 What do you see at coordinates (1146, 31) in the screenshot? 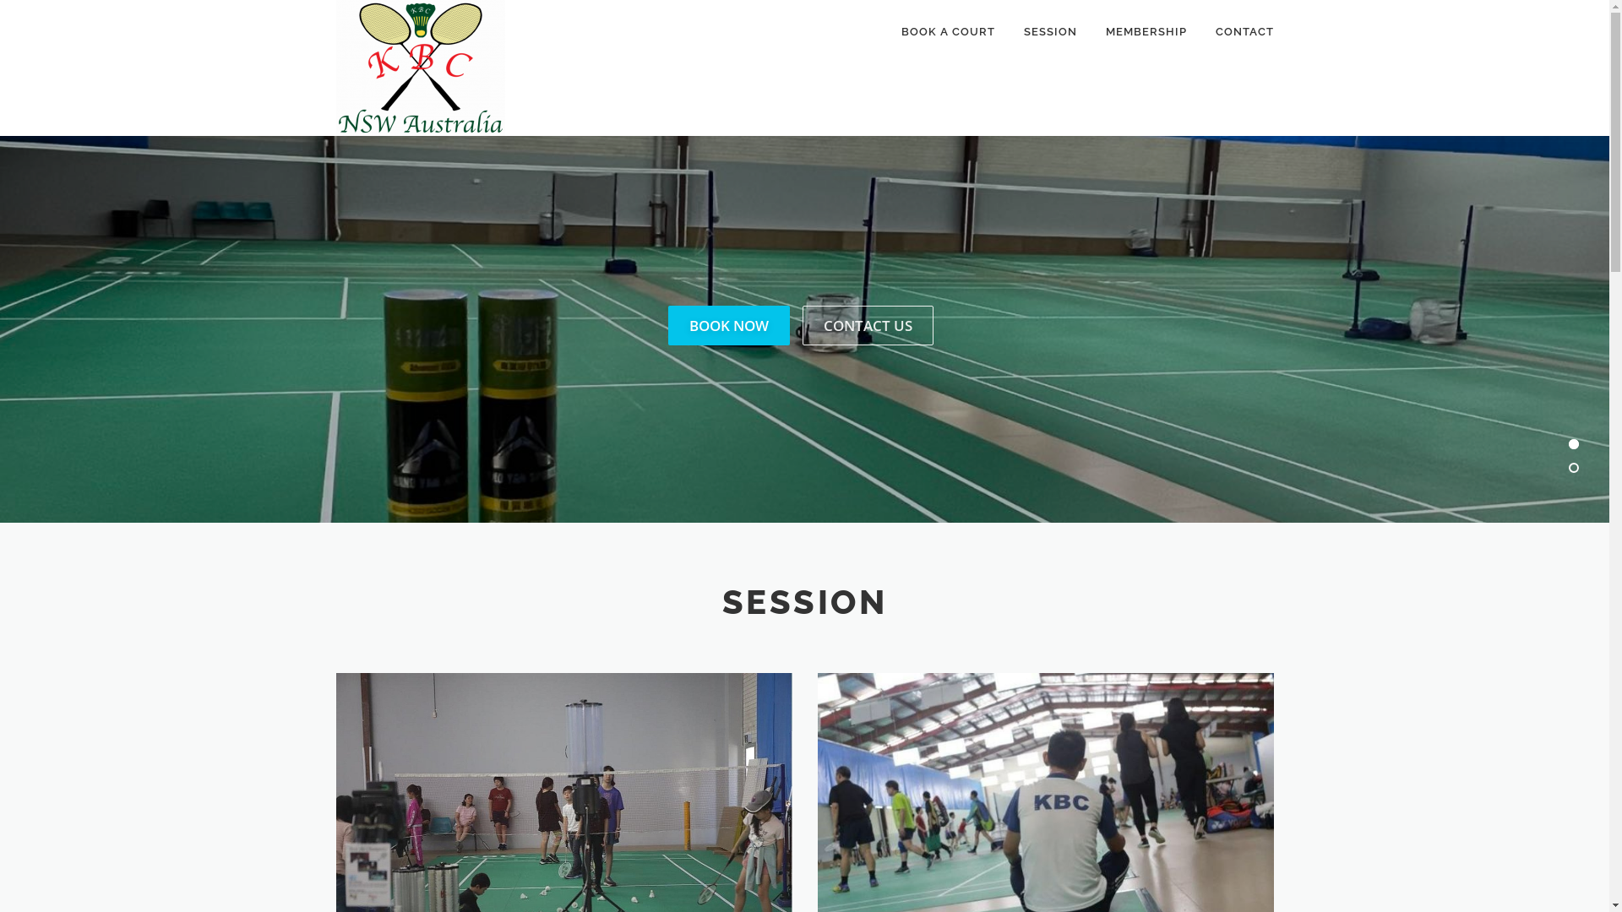
I see `'MEMBERSHIP'` at bounding box center [1146, 31].